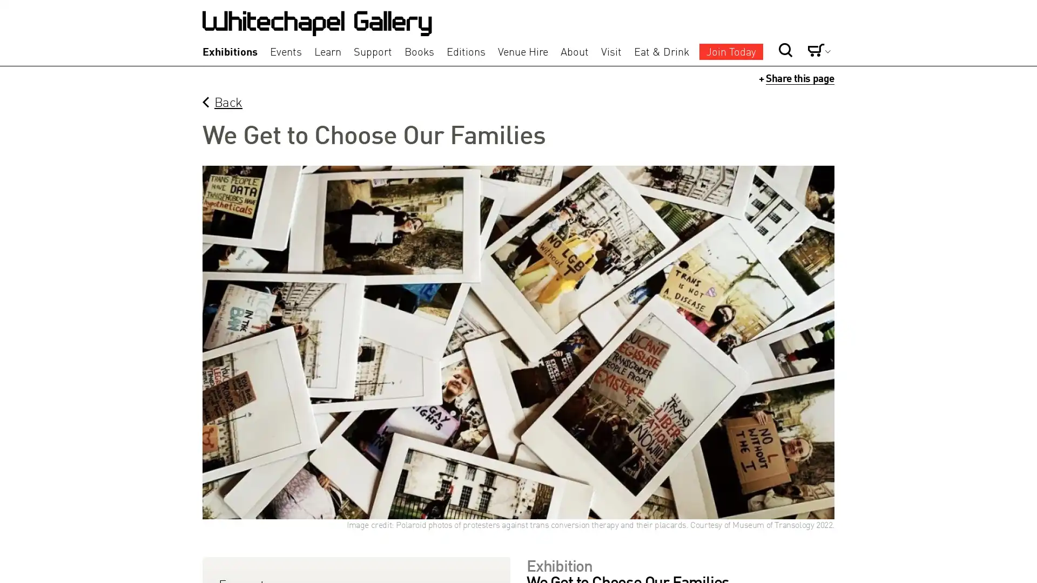  Describe the element at coordinates (749, 31) in the screenshot. I see `Go` at that location.